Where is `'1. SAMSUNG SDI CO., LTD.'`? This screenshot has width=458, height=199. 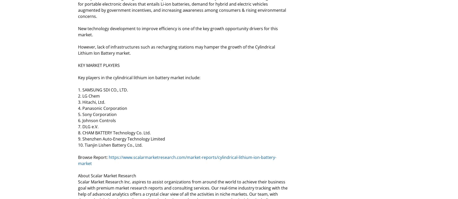 '1. SAMSUNG SDI CO., LTD.' is located at coordinates (103, 90).